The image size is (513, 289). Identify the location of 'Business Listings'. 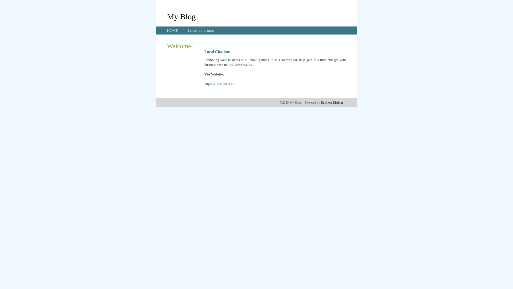
(332, 102).